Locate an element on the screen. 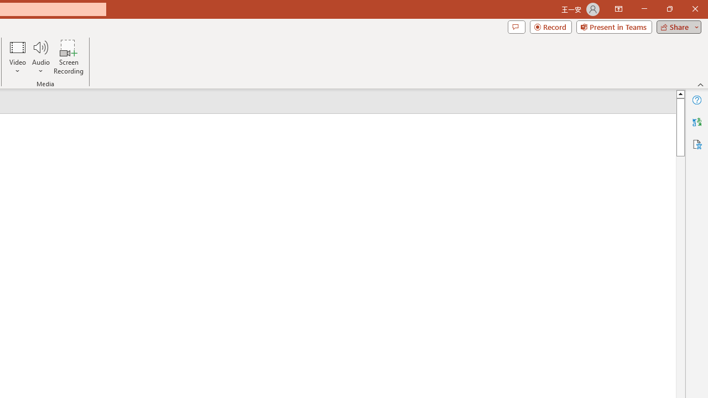 The width and height of the screenshot is (708, 398). 'Restore Down' is located at coordinates (669, 9).